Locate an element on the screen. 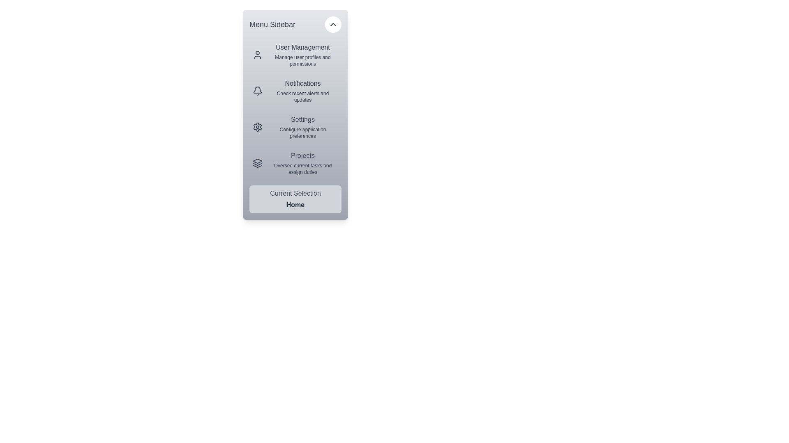 Image resolution: width=789 pixels, height=443 pixels. the gear icon representing the settings feature located next to the text 'Settings' in the third row of the menu sidebar is located at coordinates (257, 127).